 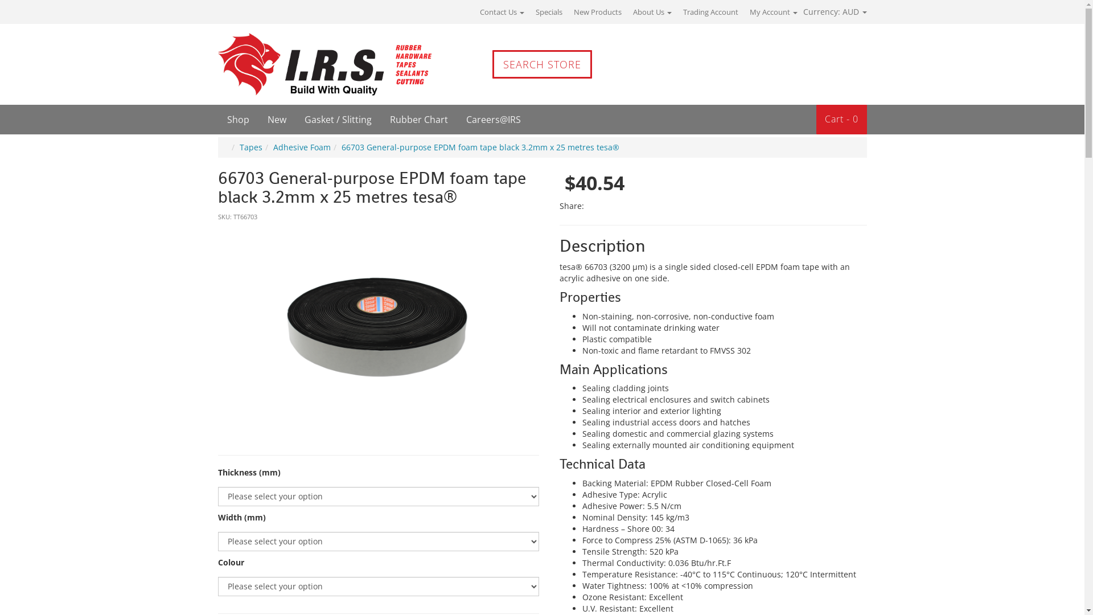 What do you see at coordinates (380, 119) in the screenshot?
I see `'Rubber Chart'` at bounding box center [380, 119].